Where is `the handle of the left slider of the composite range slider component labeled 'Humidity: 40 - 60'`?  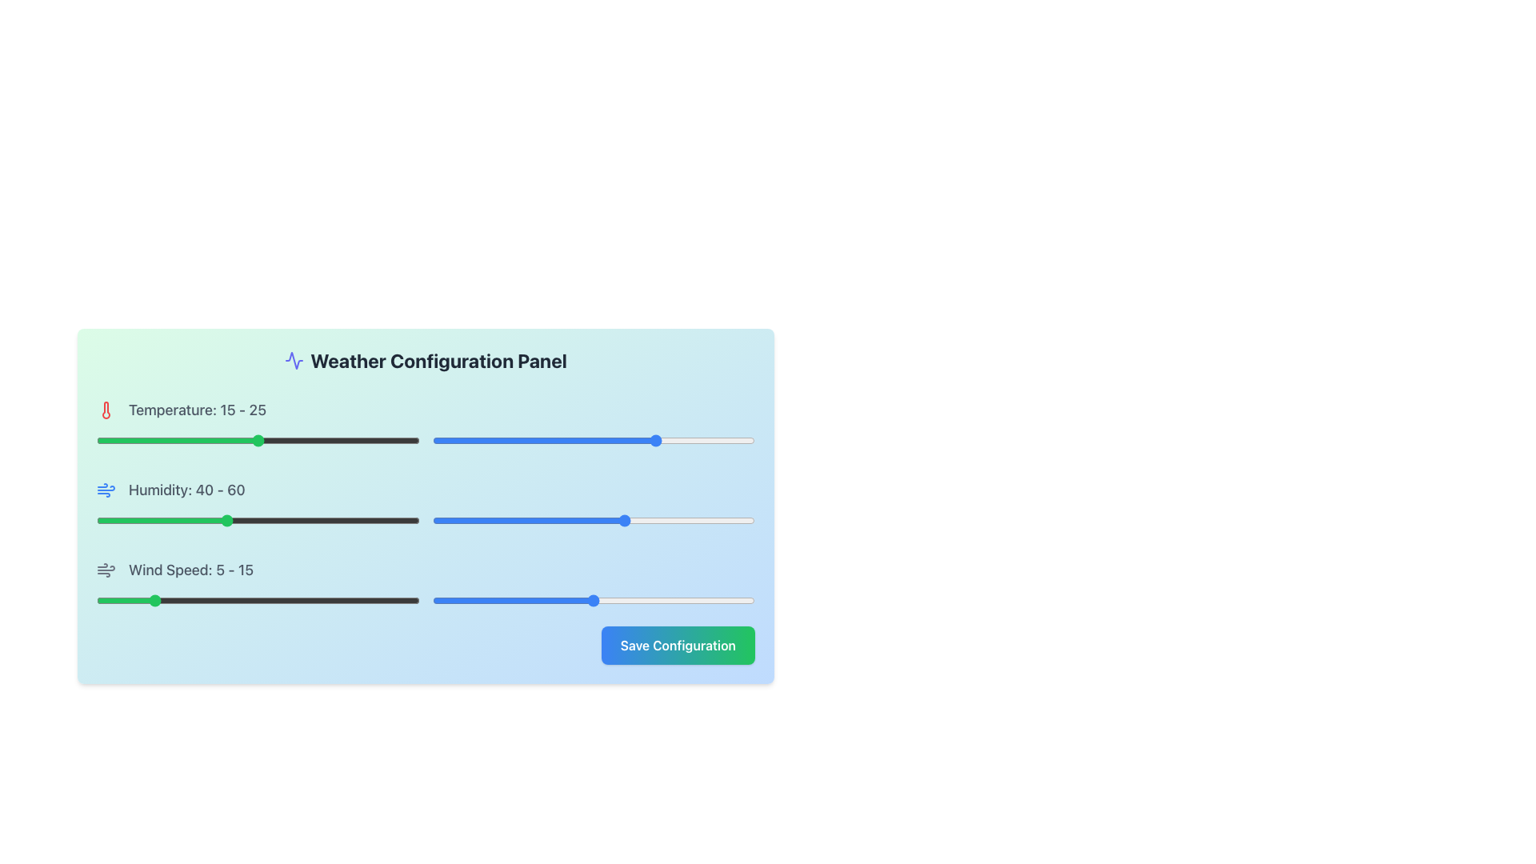 the handle of the left slider of the composite range slider component labeled 'Humidity: 40 - 60' is located at coordinates (426, 521).